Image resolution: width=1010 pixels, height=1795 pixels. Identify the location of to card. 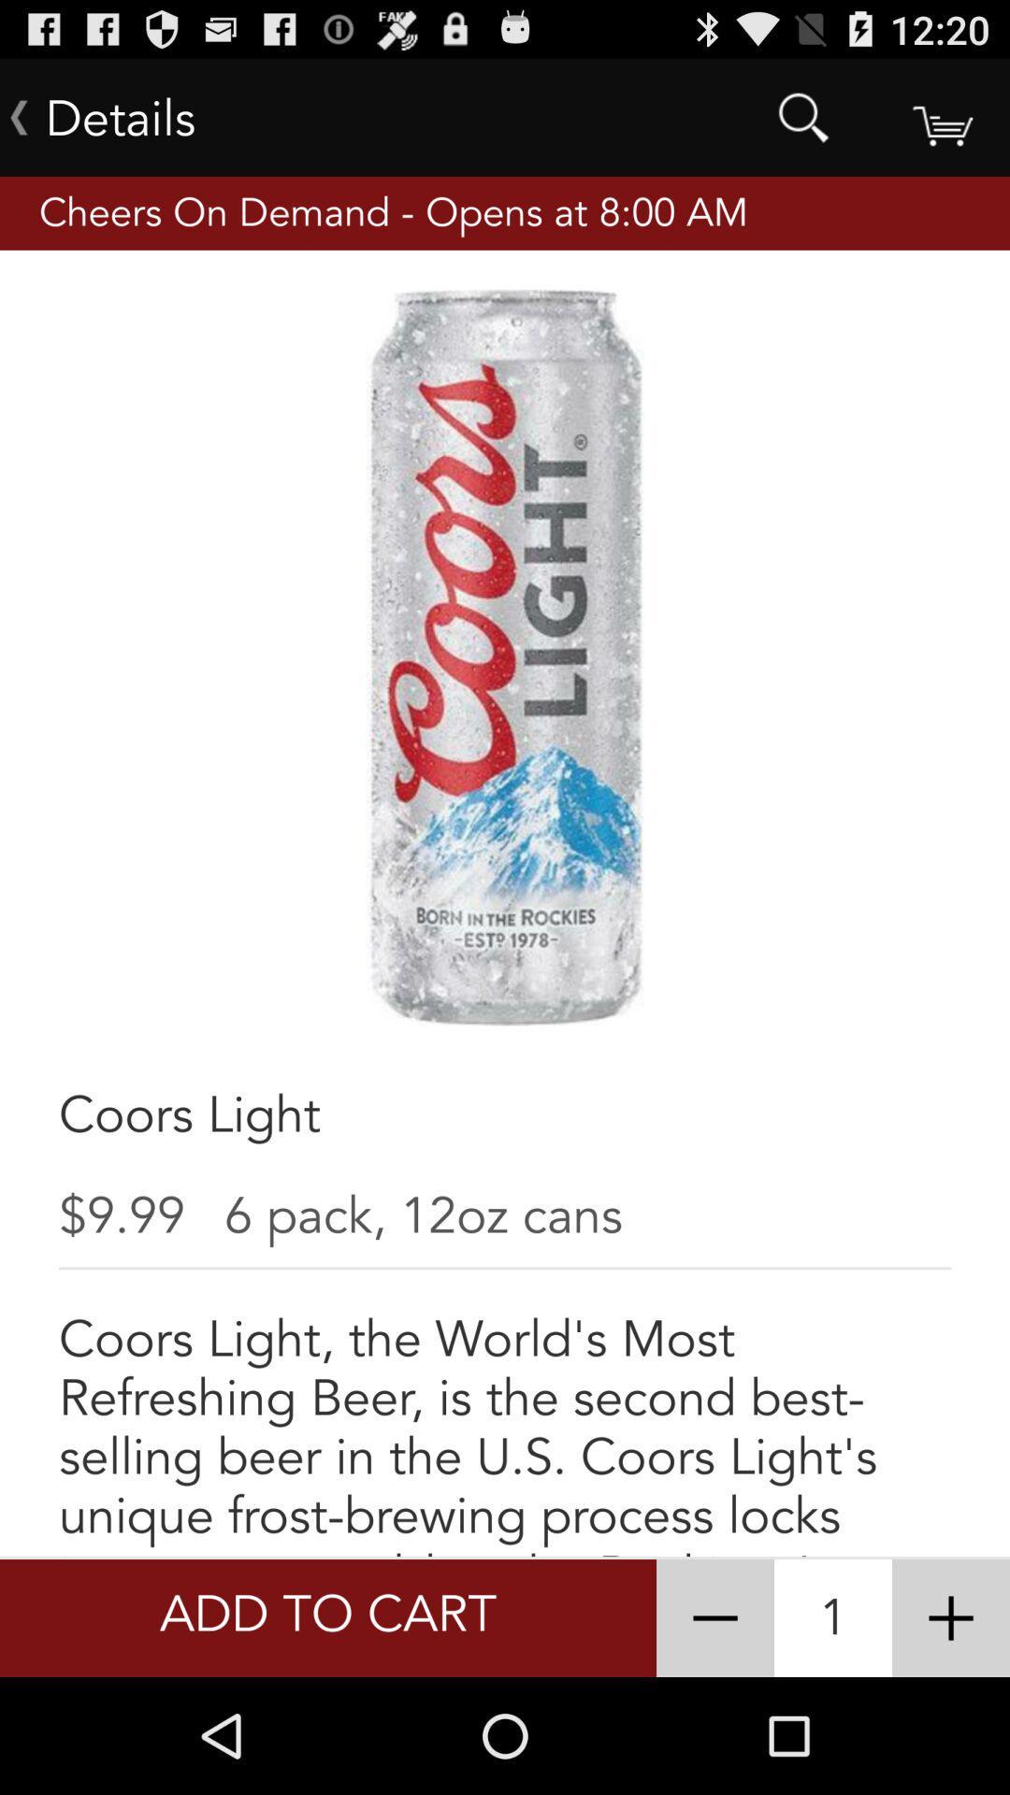
(941, 116).